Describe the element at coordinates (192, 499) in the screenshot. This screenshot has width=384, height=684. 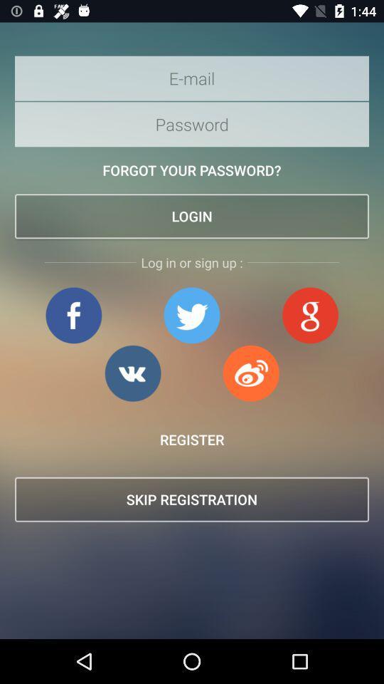
I see `icon below register icon` at that location.